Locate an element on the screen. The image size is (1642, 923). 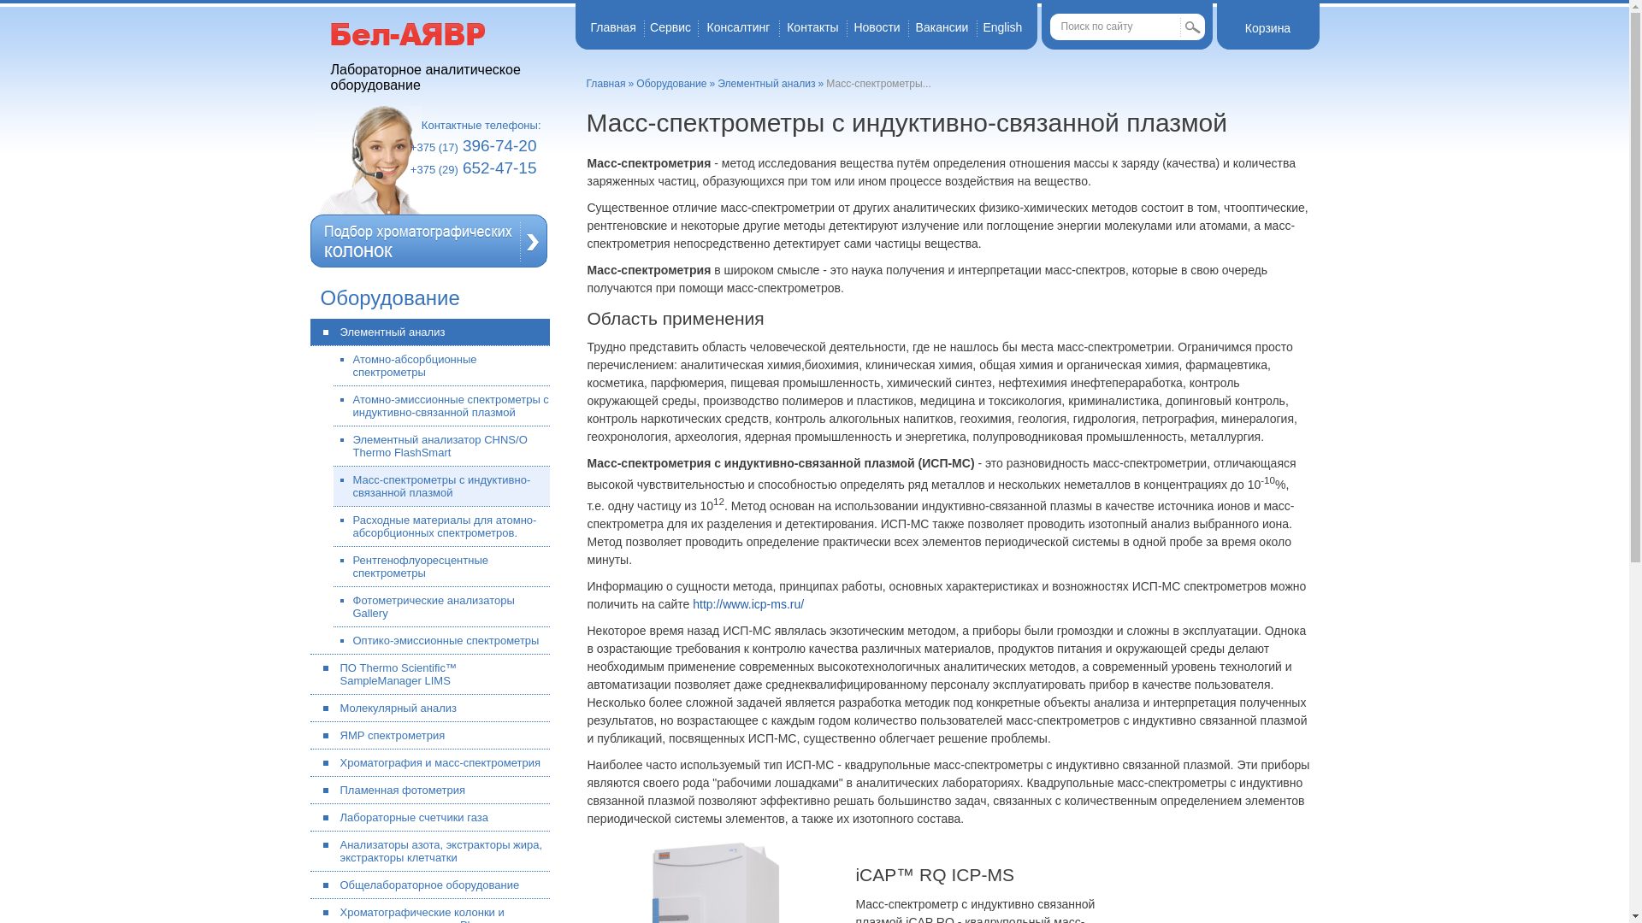
'http://www.icp-ms.ru/' is located at coordinates (747, 603).